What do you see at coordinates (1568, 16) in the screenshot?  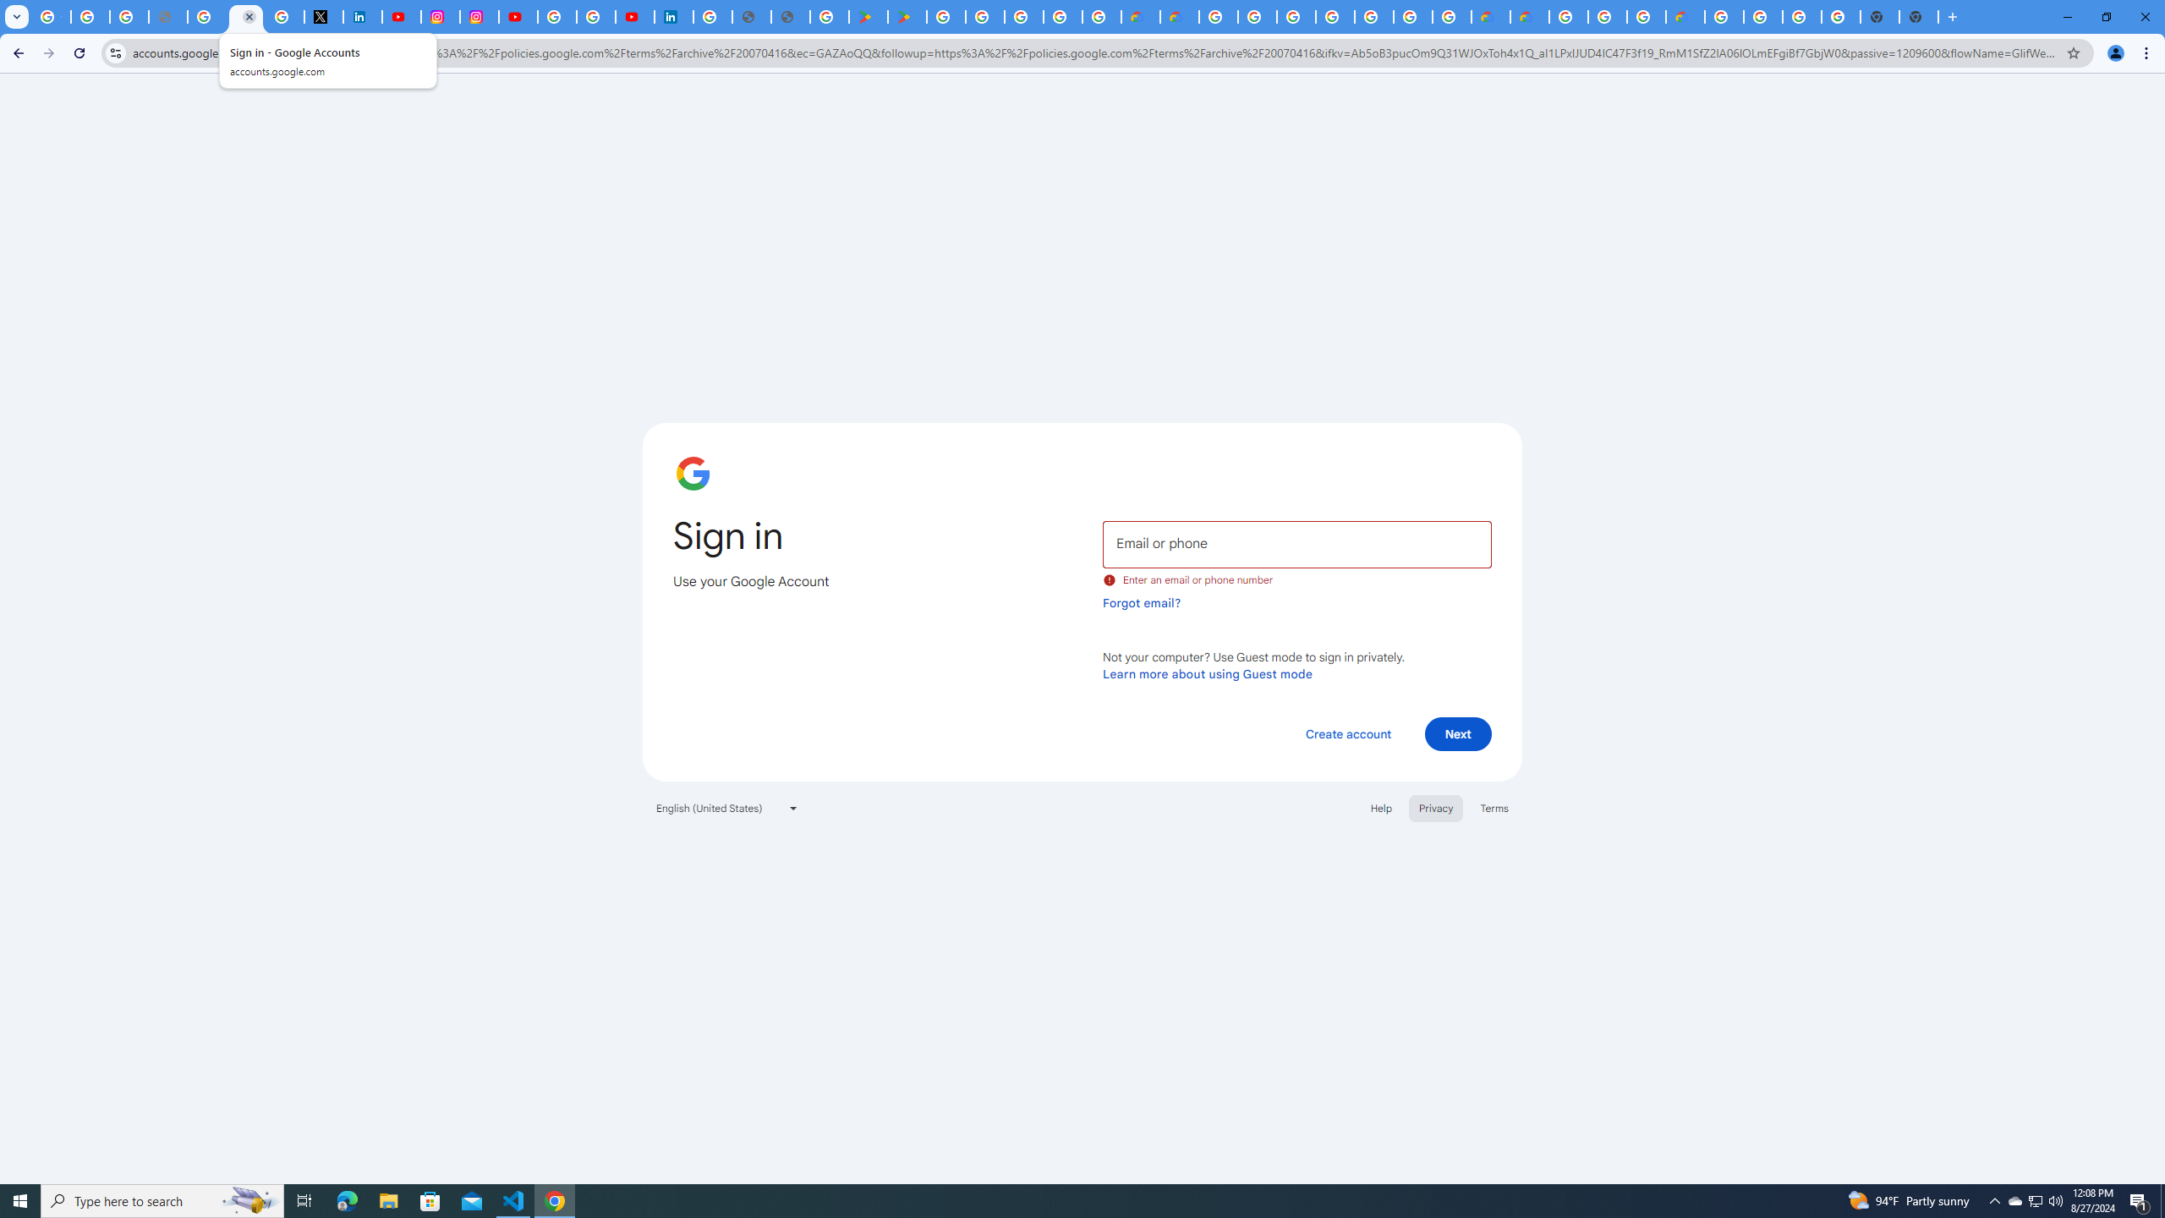 I see `'Google Cloud Platform'` at bounding box center [1568, 16].